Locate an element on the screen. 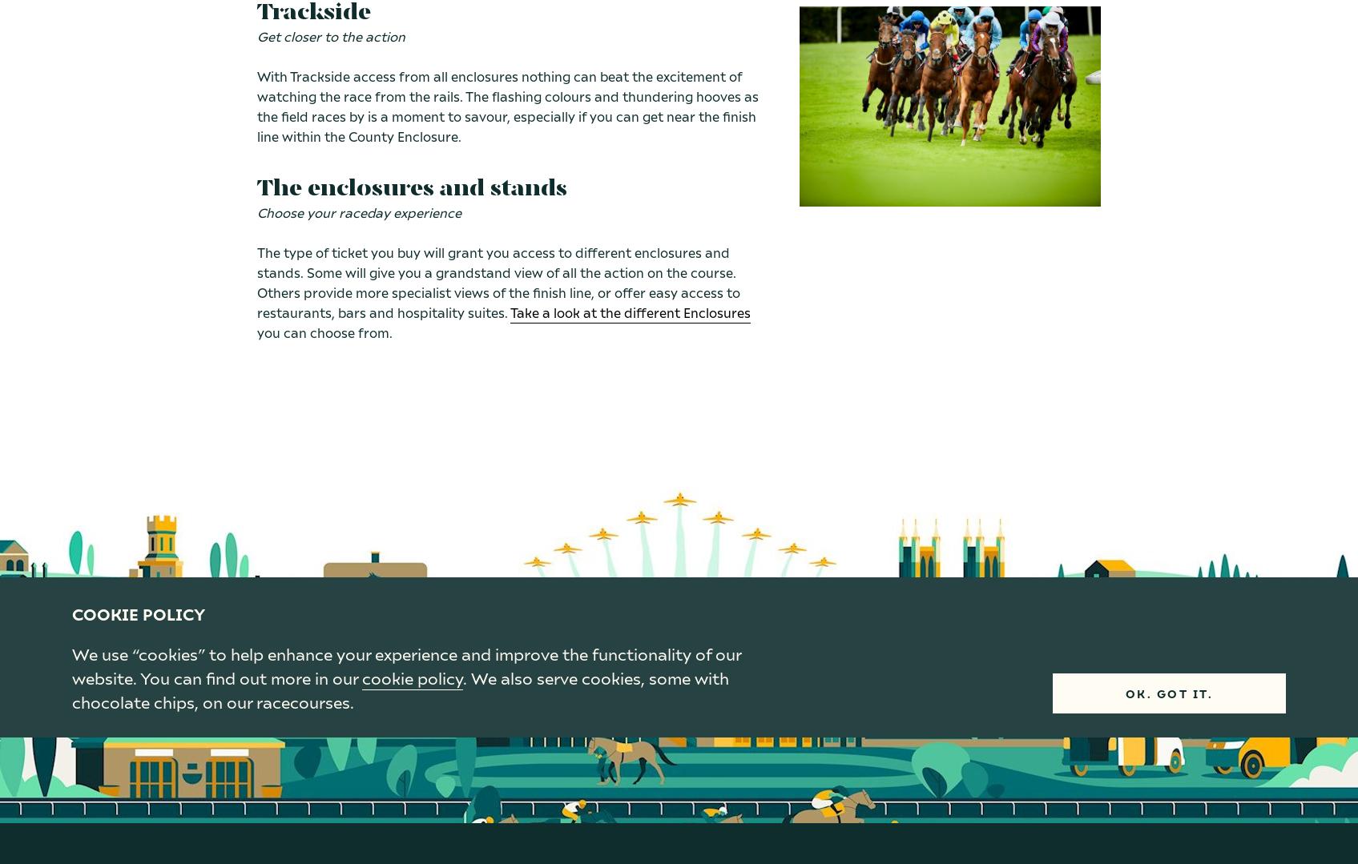 This screenshot has width=1358, height=864. 'cookie policy' is located at coordinates (411, 677).